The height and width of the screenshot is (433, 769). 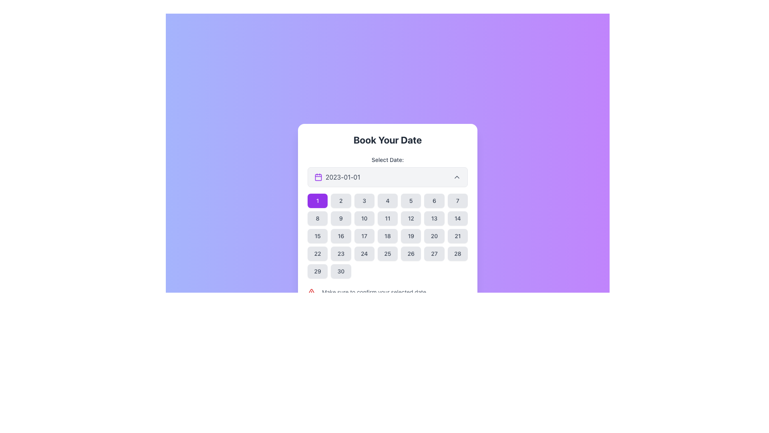 What do you see at coordinates (341, 236) in the screenshot?
I see `the date selection button located in the third row and second column of the calendar interface` at bounding box center [341, 236].